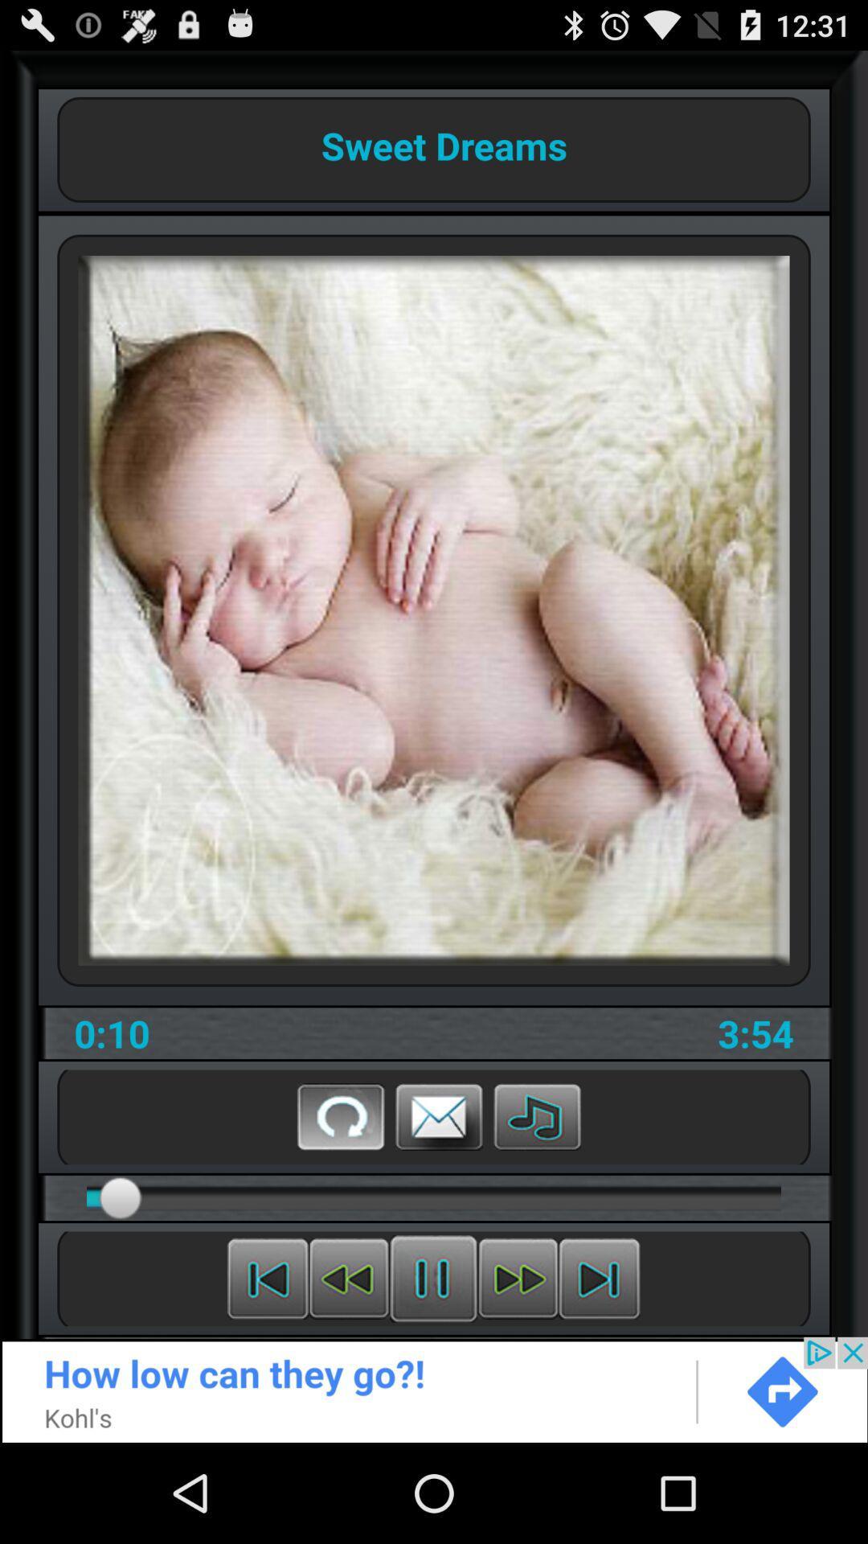 This screenshot has width=868, height=1544. I want to click on previous song/restart current song, so click(267, 1278).